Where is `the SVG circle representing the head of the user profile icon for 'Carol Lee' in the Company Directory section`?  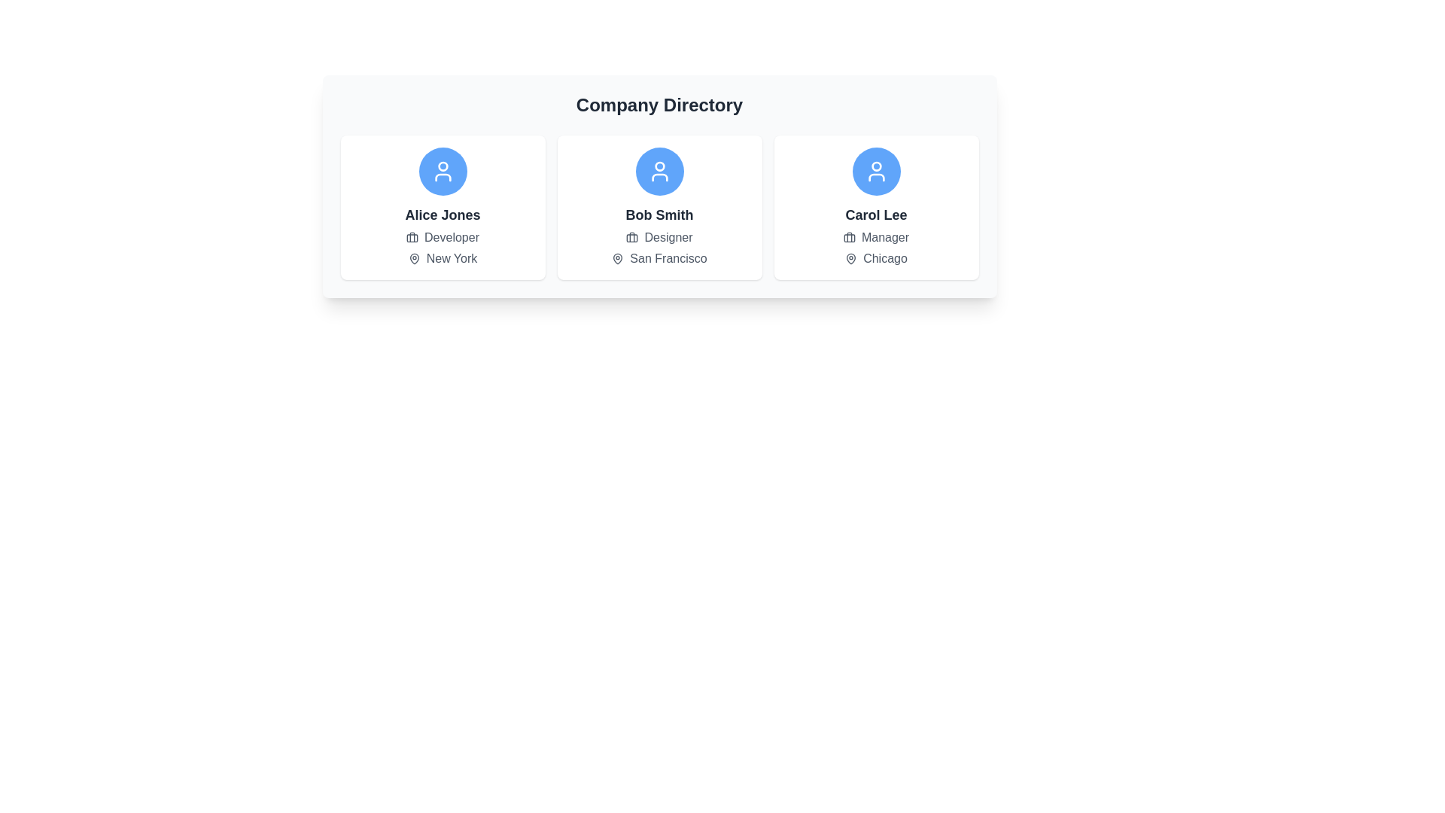 the SVG circle representing the head of the user profile icon for 'Carol Lee' in the Company Directory section is located at coordinates (876, 166).